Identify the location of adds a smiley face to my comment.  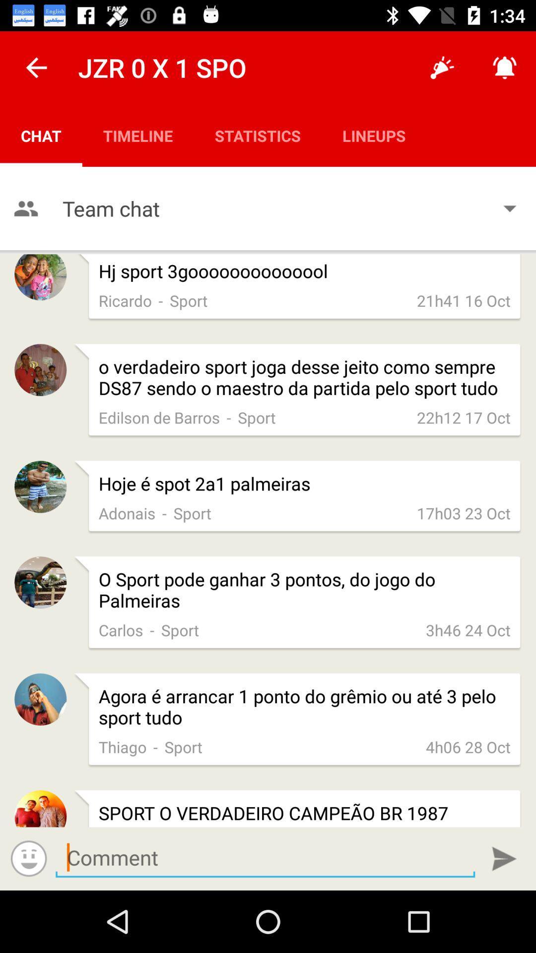
(28, 858).